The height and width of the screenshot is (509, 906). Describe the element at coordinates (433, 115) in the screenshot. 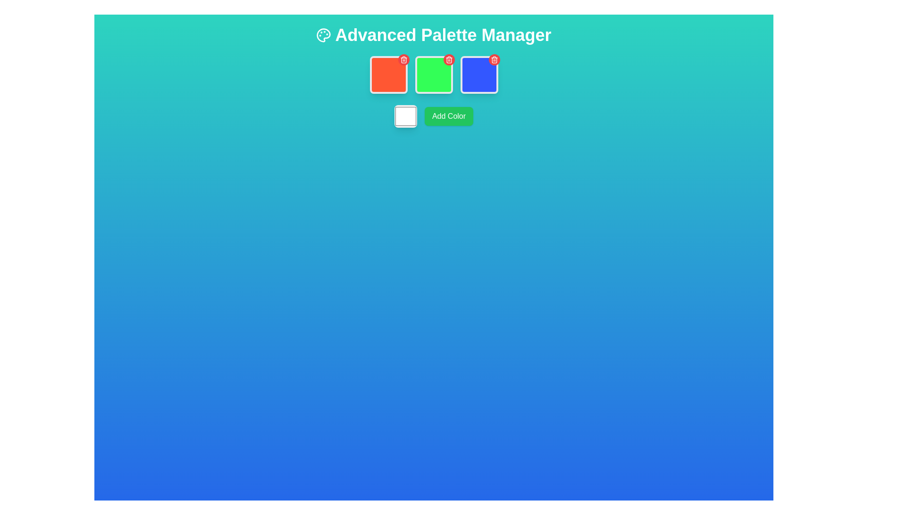

I see `the button below the three colored boxes in the Advanced Palette Manager` at that location.